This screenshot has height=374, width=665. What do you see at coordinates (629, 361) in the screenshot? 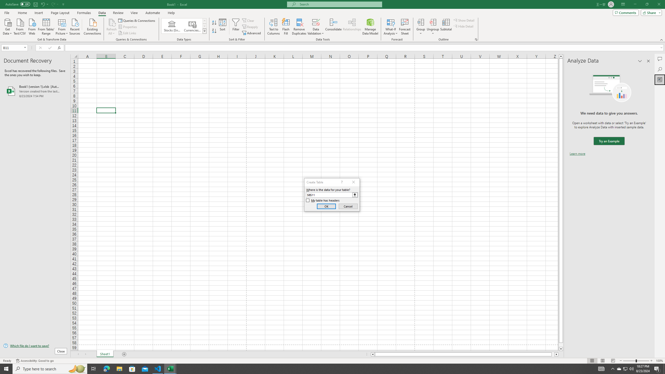
I see `'Zoom Out'` at bounding box center [629, 361].